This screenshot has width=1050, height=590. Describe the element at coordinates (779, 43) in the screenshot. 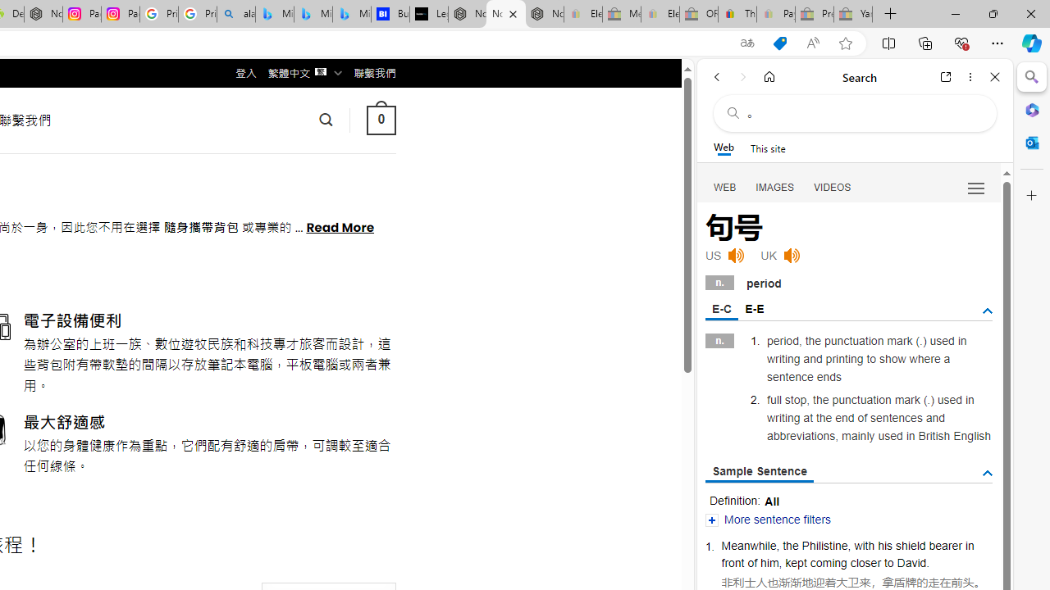

I see `'This site has coupons! Shopping in Microsoft Edge'` at that location.